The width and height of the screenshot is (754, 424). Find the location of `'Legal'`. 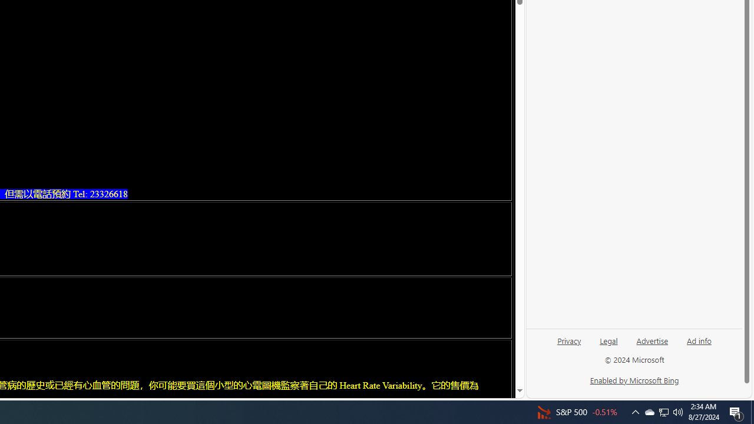

'Legal' is located at coordinates (609, 344).